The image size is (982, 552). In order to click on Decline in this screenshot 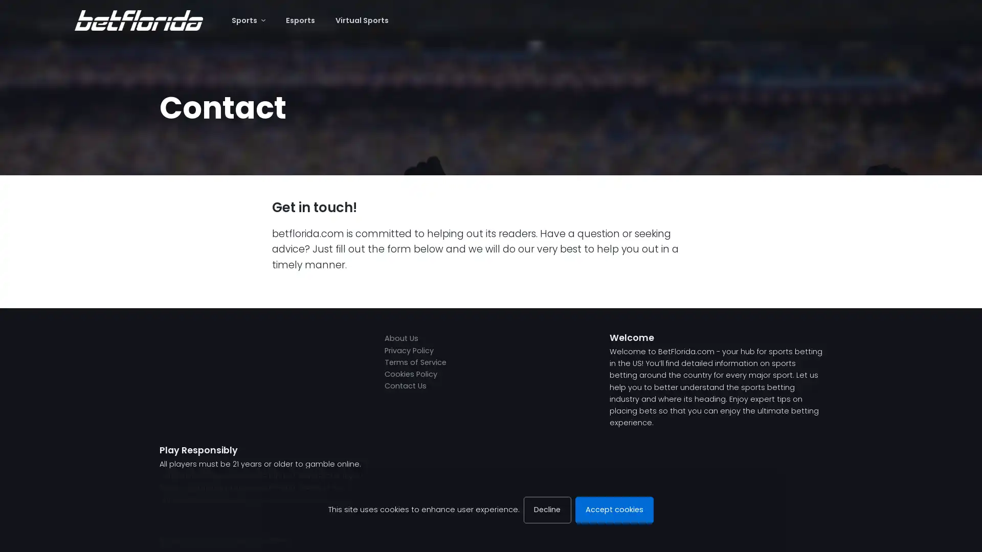, I will do `click(547, 510)`.